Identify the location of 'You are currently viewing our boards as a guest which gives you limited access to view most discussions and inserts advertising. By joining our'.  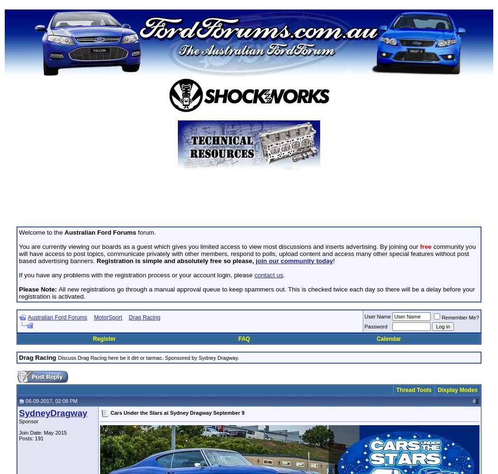
(18, 246).